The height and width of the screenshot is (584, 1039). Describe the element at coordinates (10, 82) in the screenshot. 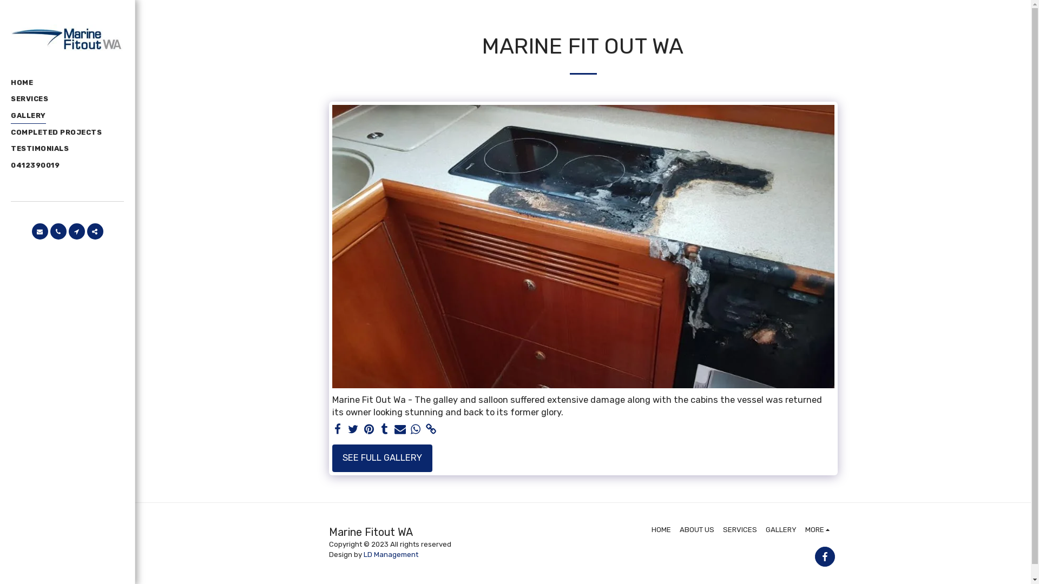

I see `'HOME'` at that location.